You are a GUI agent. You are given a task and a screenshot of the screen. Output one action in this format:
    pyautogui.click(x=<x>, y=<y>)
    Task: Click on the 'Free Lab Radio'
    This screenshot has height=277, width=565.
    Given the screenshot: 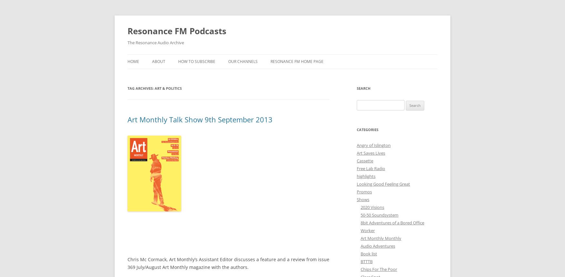 What is the action you would take?
    pyautogui.click(x=371, y=169)
    